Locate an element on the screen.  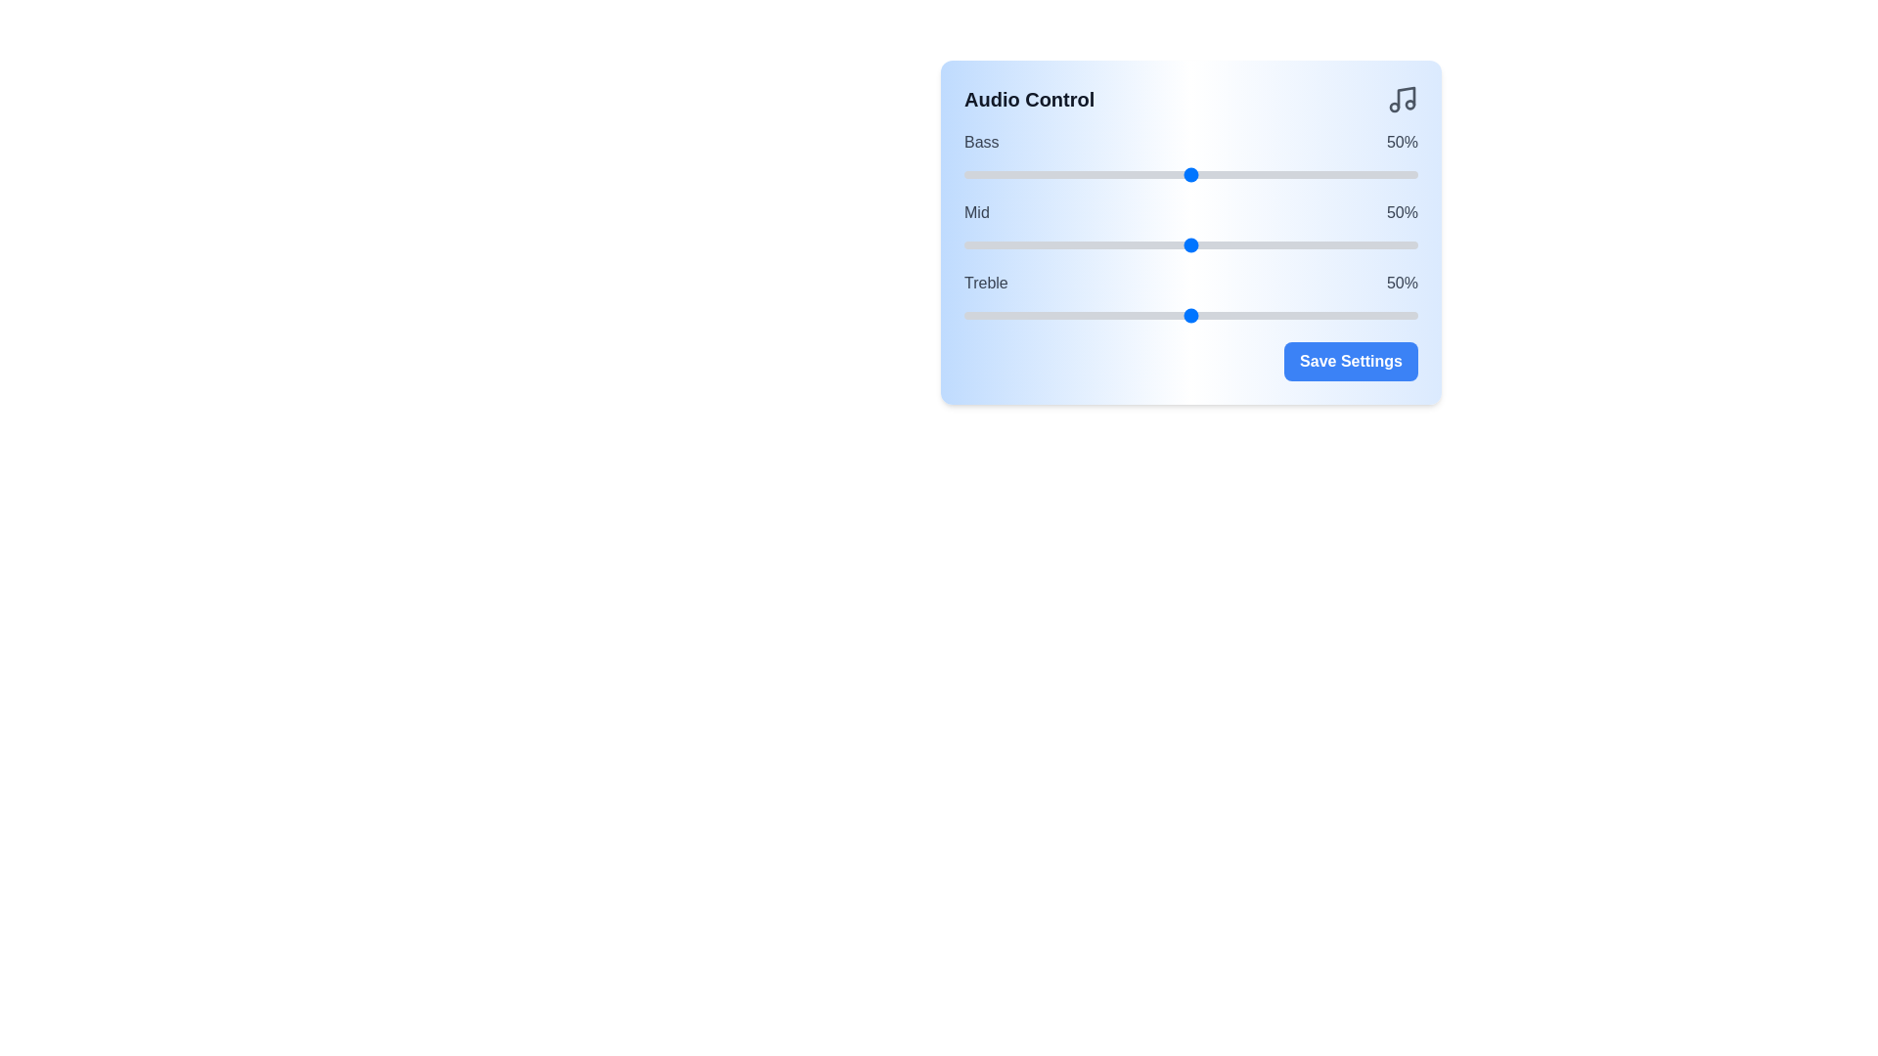
the bass slider to 35% is located at coordinates (1123, 173).